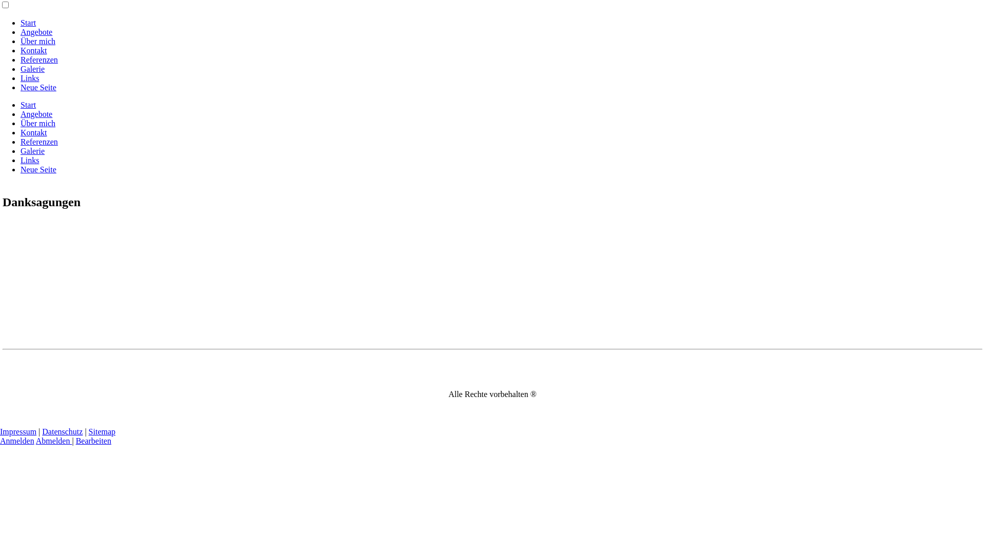 This screenshot has width=985, height=554. I want to click on 'Referenzen', so click(39, 60).